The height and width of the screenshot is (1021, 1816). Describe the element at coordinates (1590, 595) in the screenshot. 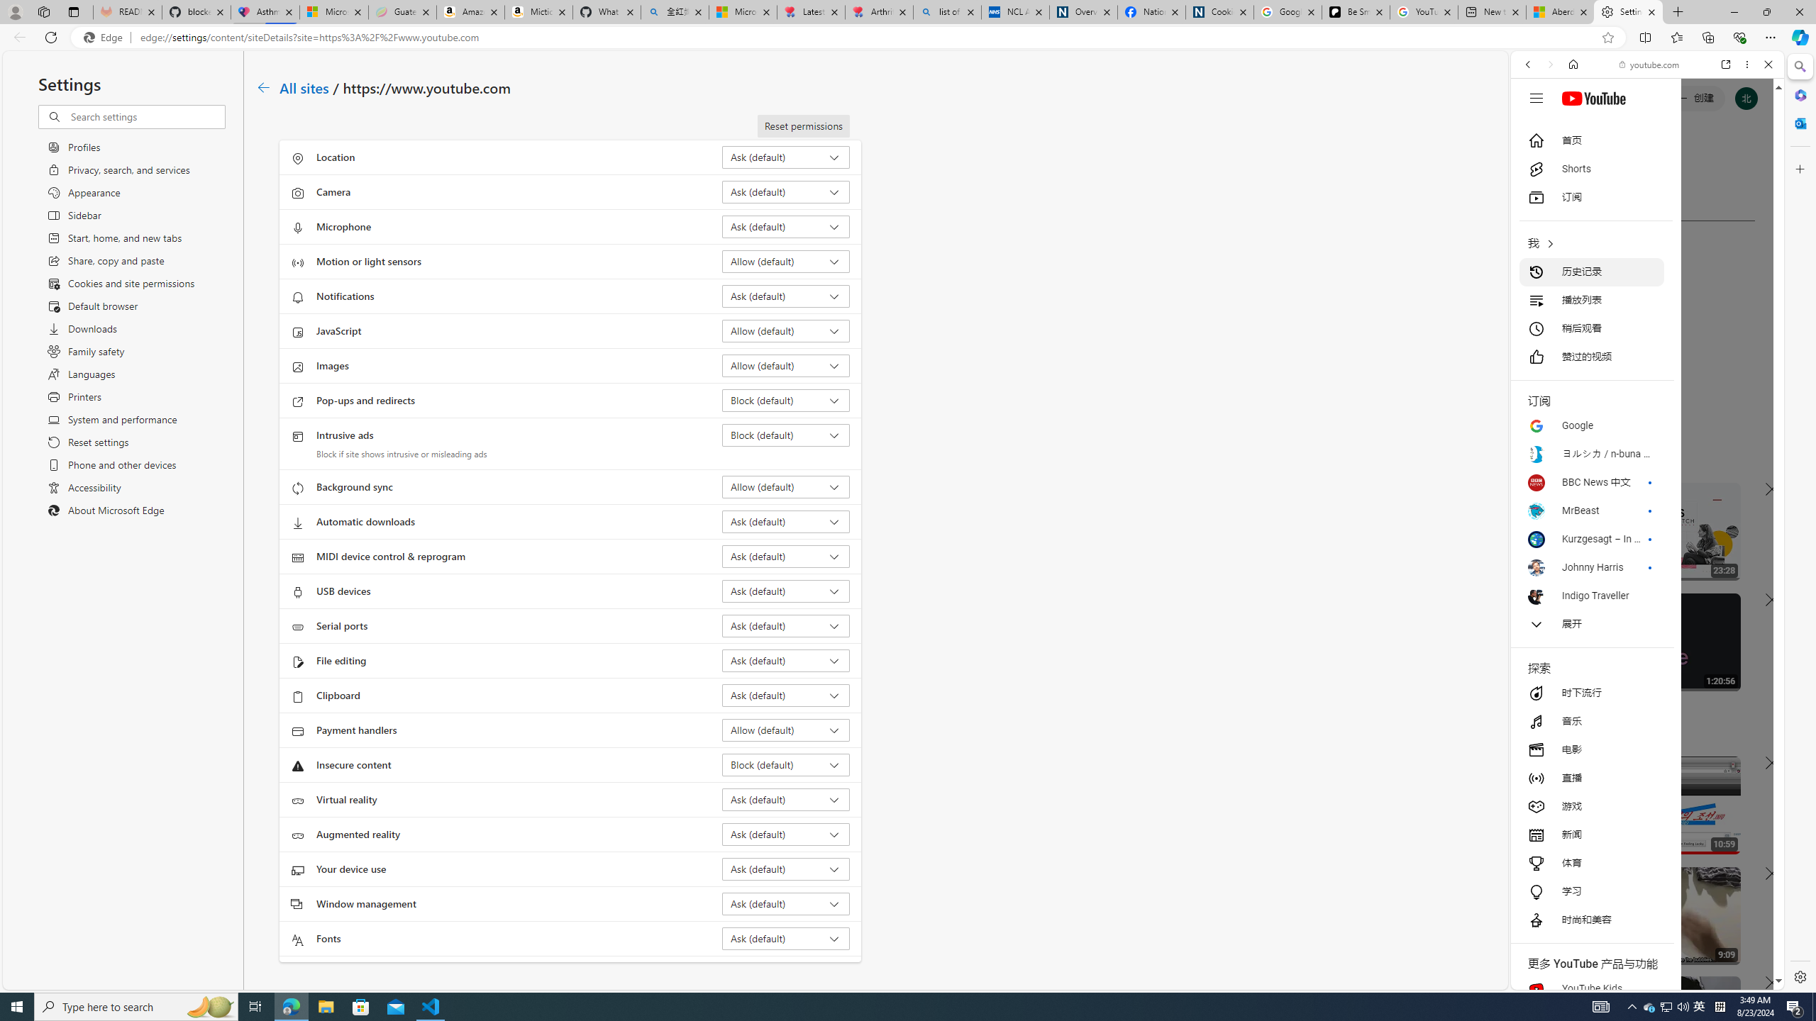

I see `'Indigo Traveller'` at that location.